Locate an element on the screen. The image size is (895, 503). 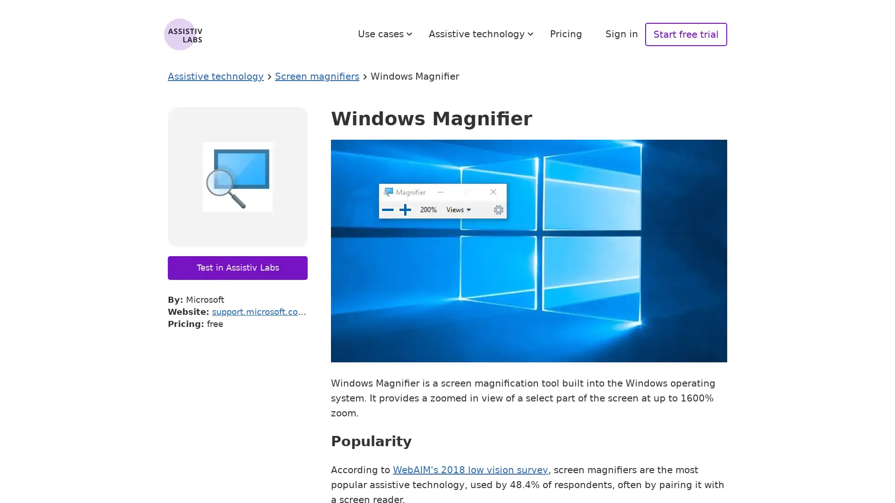
Use cases is located at coordinates (386, 34).